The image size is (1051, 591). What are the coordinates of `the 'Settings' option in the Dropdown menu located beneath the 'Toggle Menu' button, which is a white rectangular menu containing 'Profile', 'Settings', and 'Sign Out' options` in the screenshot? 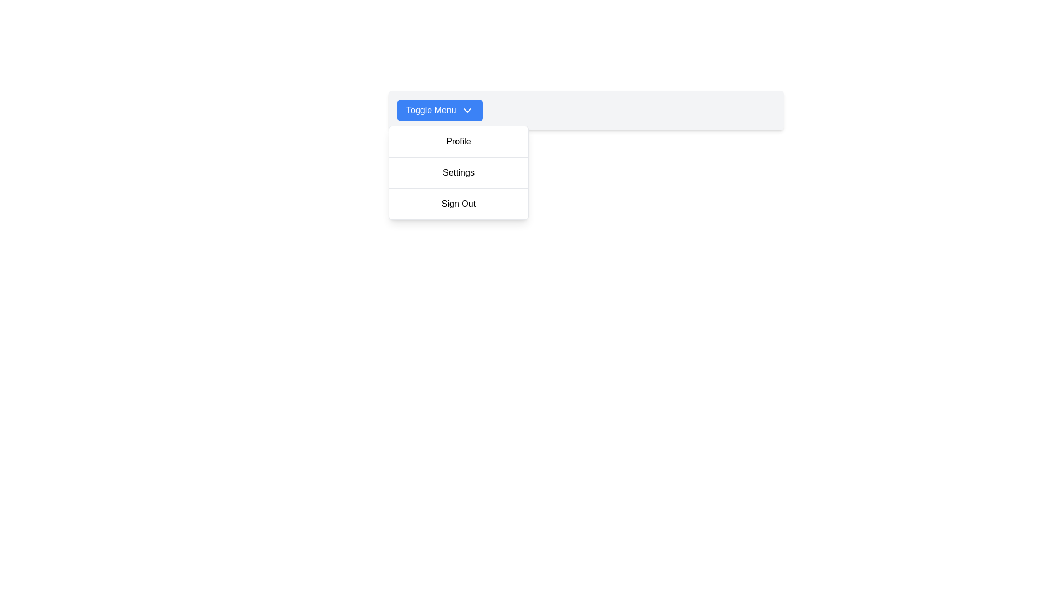 It's located at (459, 172).